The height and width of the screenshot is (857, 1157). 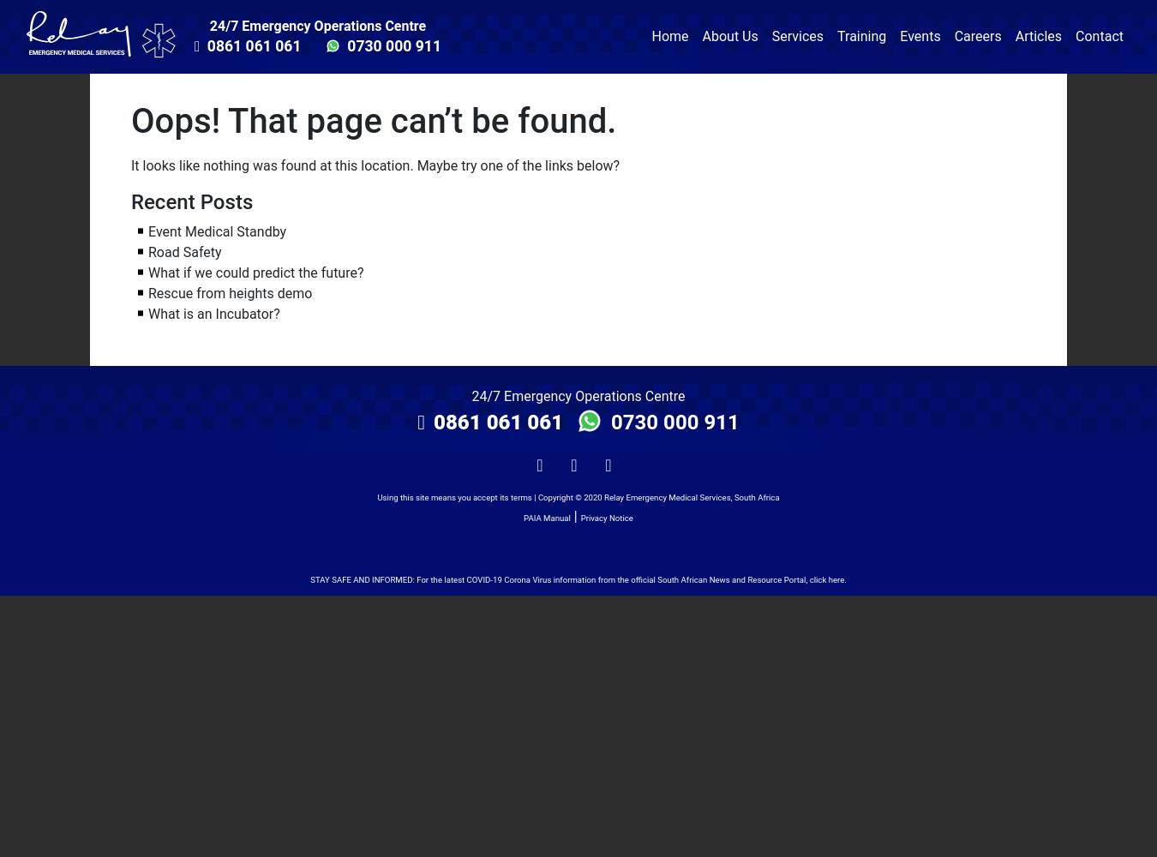 I want to click on 'STAY SAFE AND INFORMED: For the latest COVID-19 Corona Virus information from the official South African News and Resource Portal,', so click(x=309, y=578).